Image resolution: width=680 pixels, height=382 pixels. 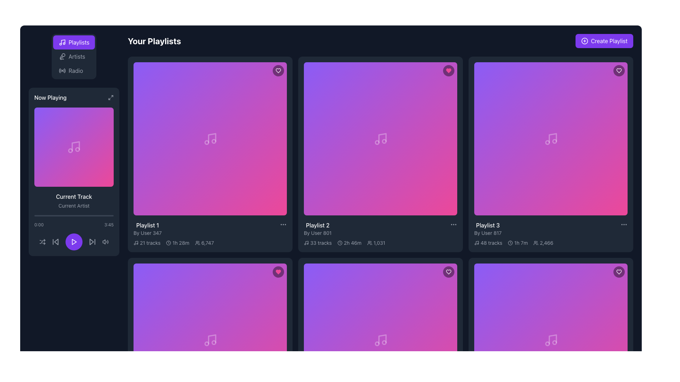 What do you see at coordinates (59, 71) in the screenshot?
I see `the graphical curve resembling a portion of a circular arc located near the top left corner of a circular graphic` at bounding box center [59, 71].